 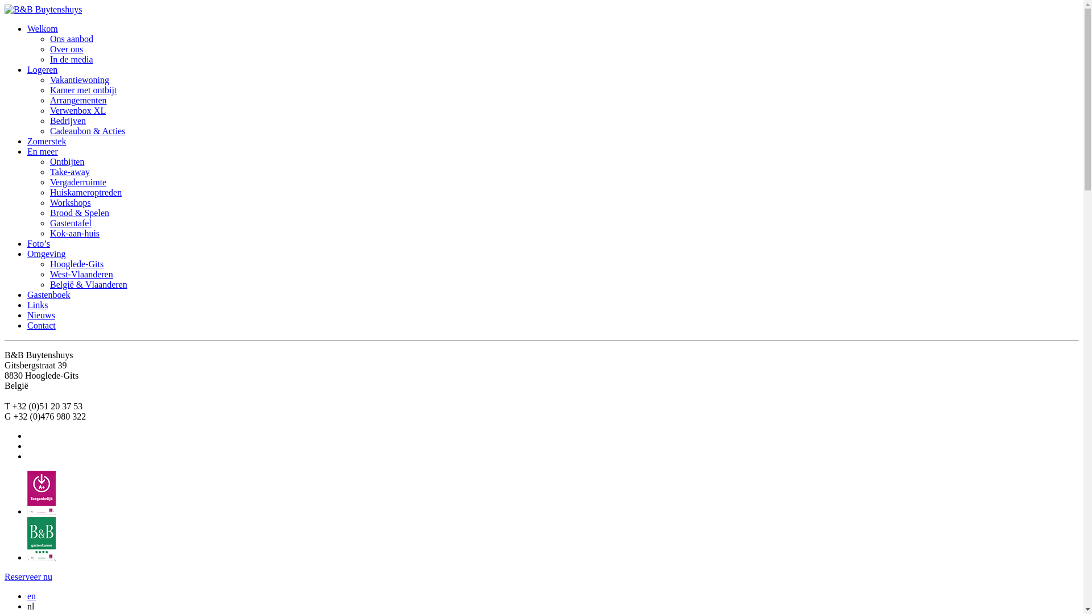 What do you see at coordinates (77, 181) in the screenshot?
I see `'Vergaderruimte'` at bounding box center [77, 181].